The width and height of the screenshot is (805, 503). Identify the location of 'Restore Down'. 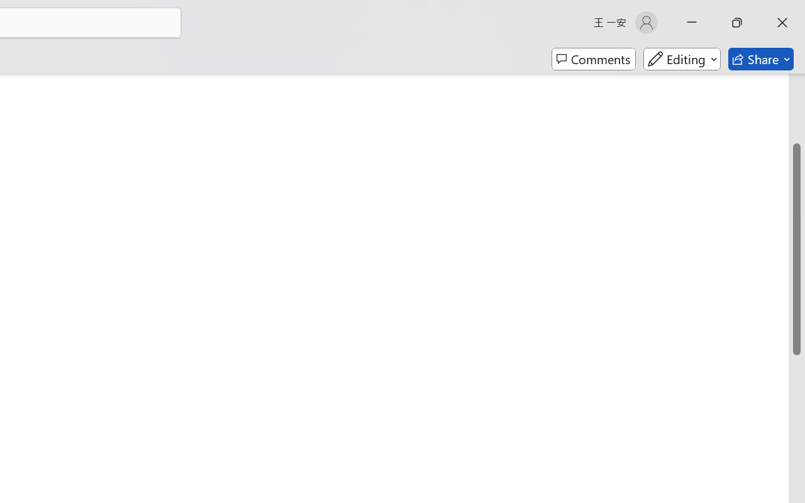
(737, 22).